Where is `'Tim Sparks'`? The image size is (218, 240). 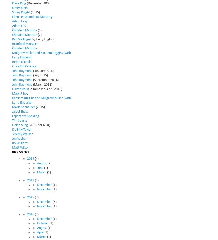
'Tim Sparks' is located at coordinates (12, 120).